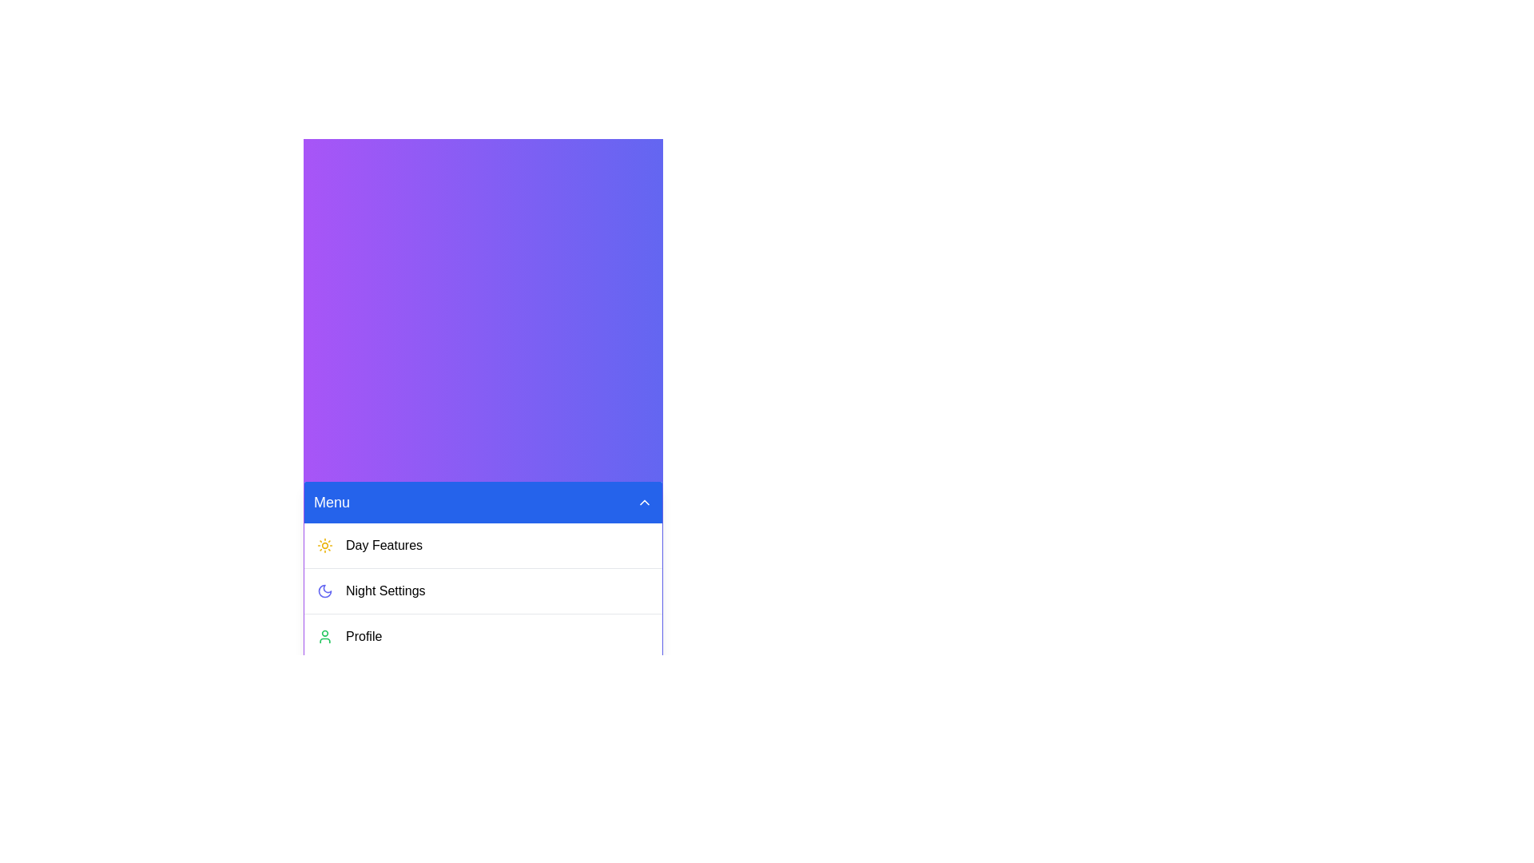  Describe the element at coordinates (482, 501) in the screenshot. I see `the menu header to toggle its visibility` at that location.